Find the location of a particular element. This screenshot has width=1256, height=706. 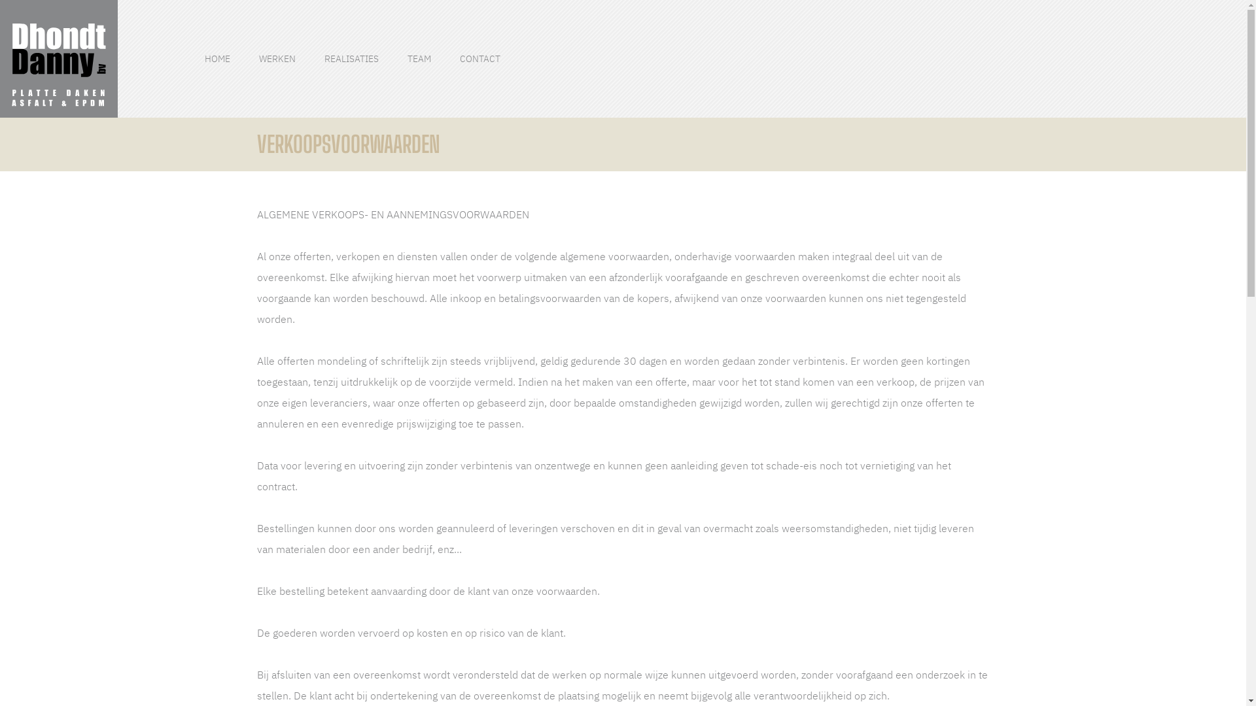

'TEAM' is located at coordinates (419, 59).